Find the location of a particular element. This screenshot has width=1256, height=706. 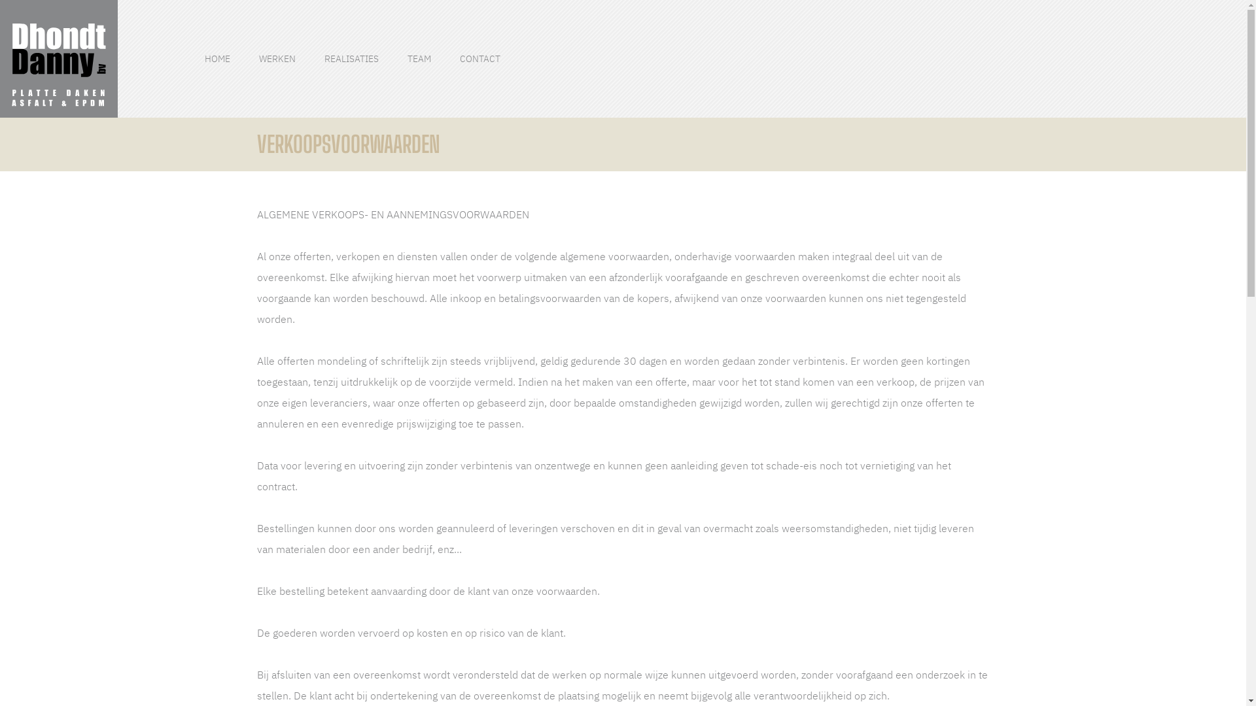

'TEAM' is located at coordinates (419, 59).